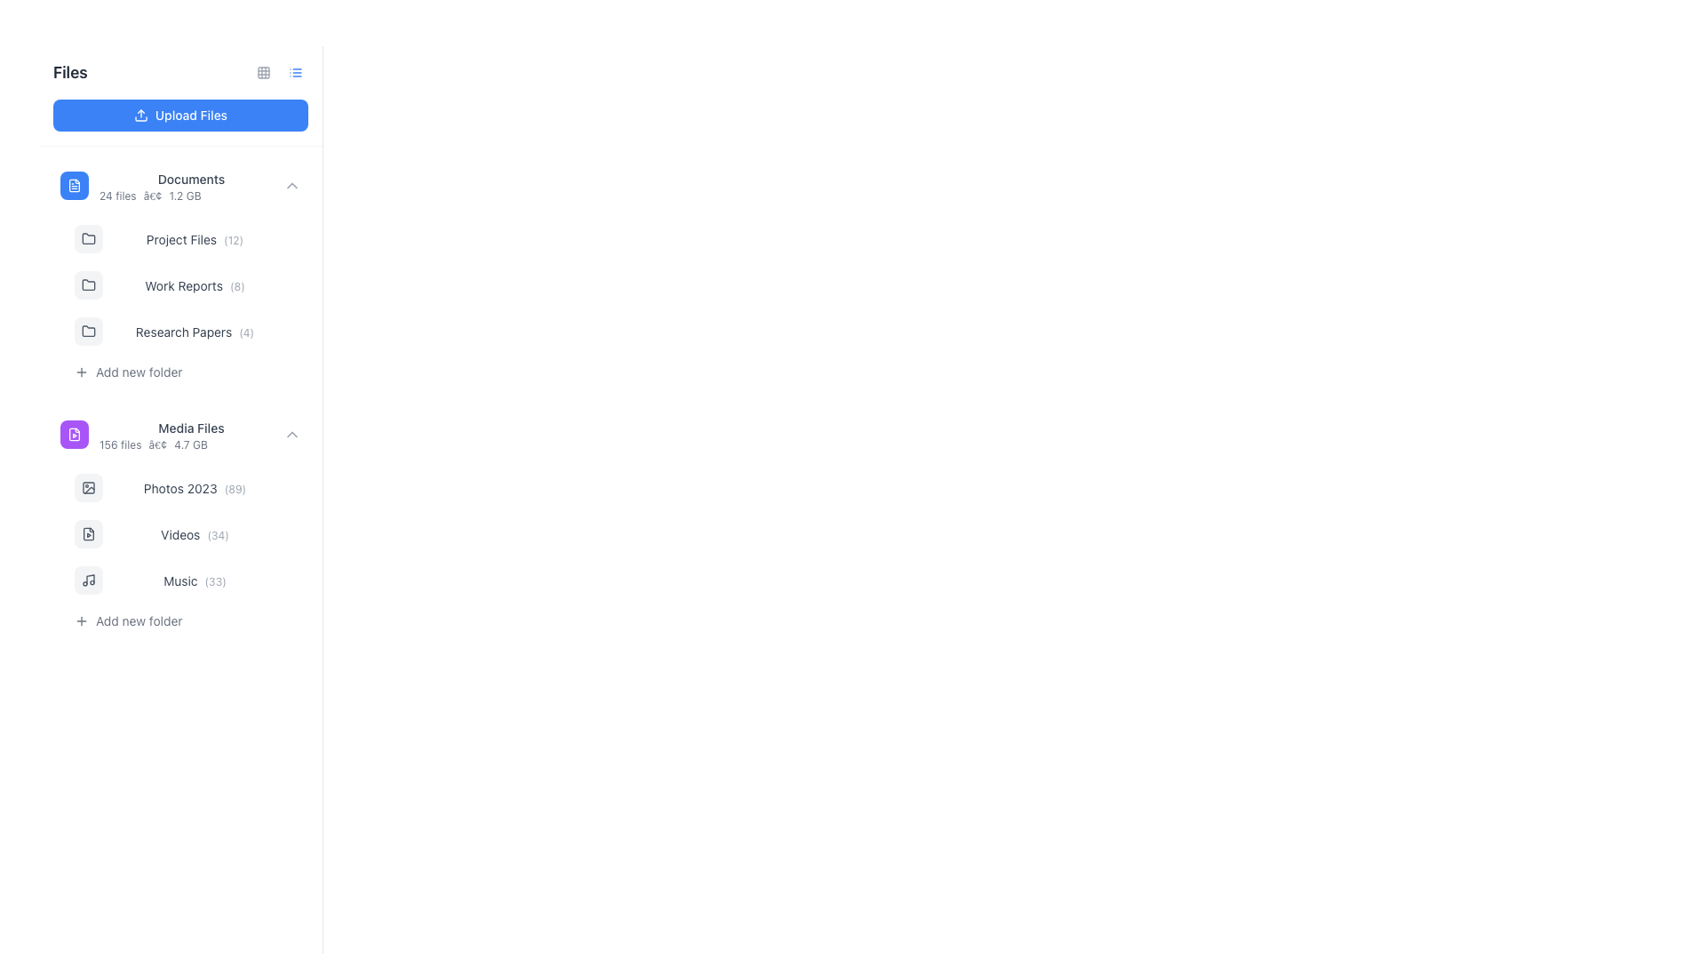  Describe the element at coordinates (289, 580) in the screenshot. I see `the contextual actions icon located` at that location.